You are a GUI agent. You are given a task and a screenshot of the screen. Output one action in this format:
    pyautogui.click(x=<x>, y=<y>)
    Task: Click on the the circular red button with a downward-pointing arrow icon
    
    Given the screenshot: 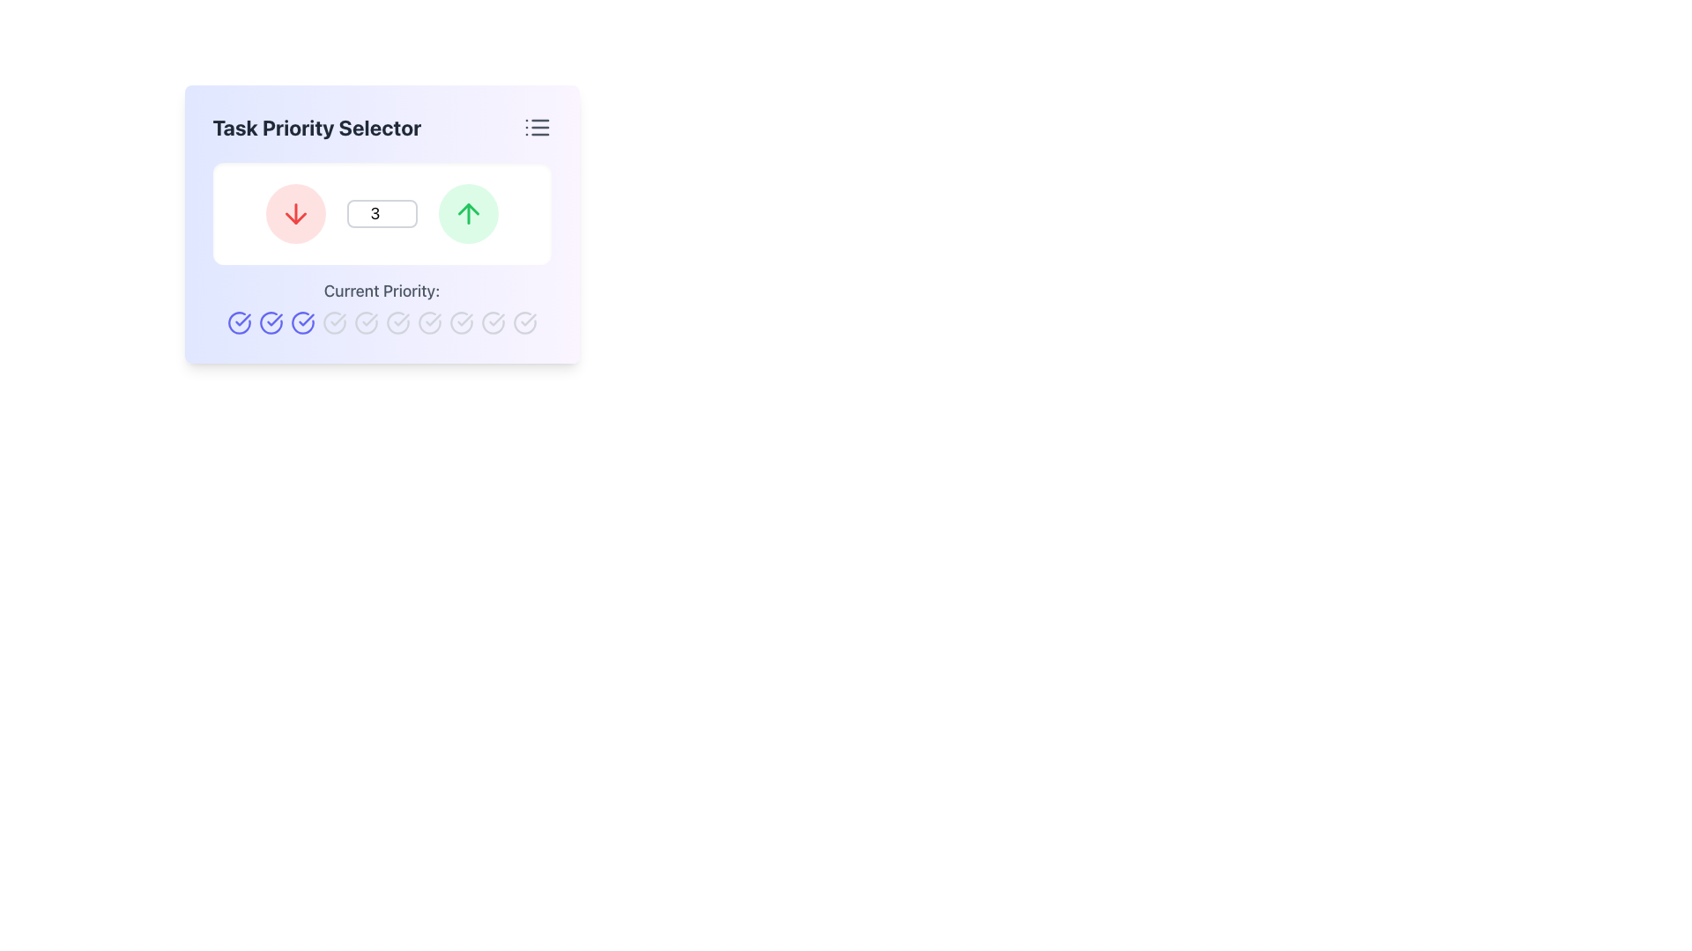 What is the action you would take?
    pyautogui.click(x=295, y=213)
    